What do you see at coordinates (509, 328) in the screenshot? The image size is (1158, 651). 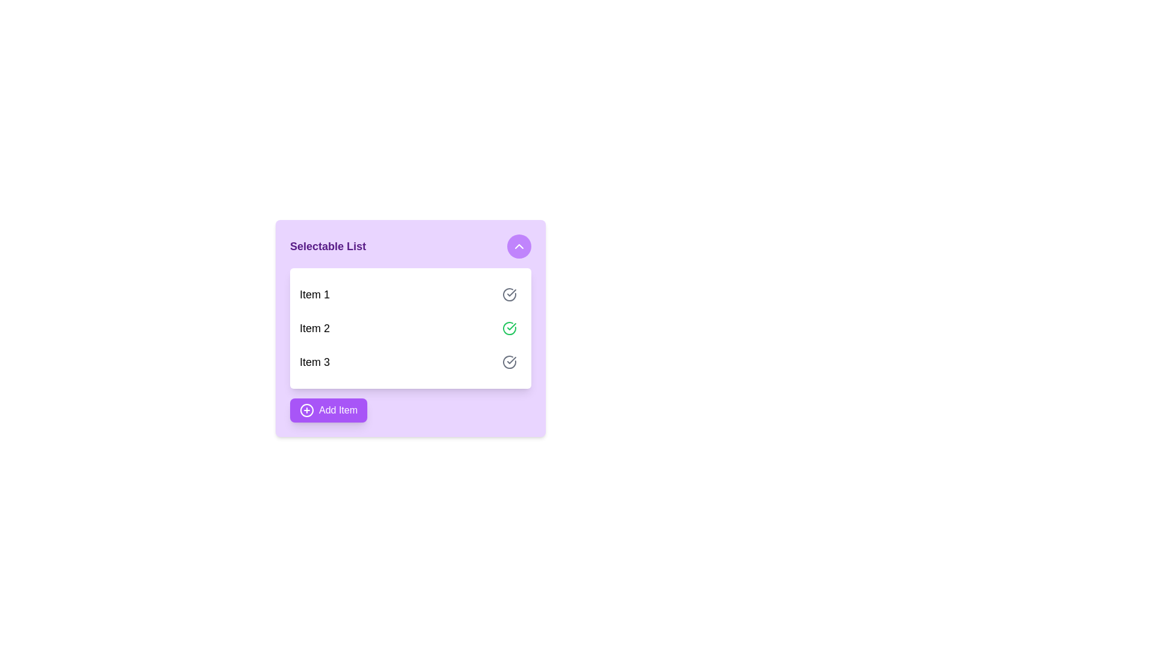 I see `the status indicator icon for 'Item 2' in the selectable list, which is located to the right of the list item text label` at bounding box center [509, 328].